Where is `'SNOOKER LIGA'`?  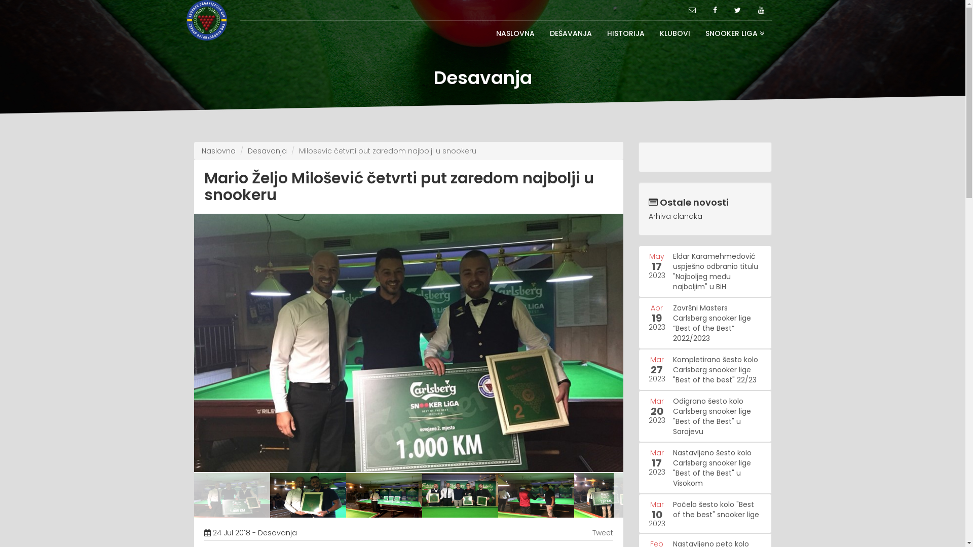 'SNOOKER LIGA' is located at coordinates (734, 32).